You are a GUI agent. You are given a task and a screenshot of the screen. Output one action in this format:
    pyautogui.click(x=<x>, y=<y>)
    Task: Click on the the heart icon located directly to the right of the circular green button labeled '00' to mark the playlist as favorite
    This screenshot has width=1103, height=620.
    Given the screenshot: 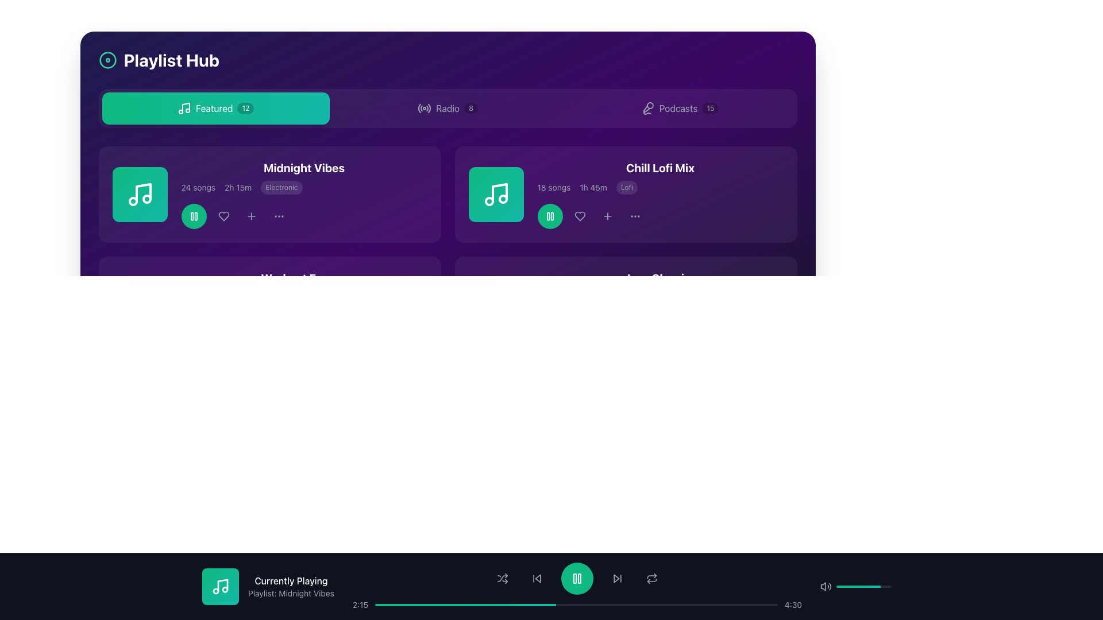 What is the action you would take?
    pyautogui.click(x=223, y=216)
    